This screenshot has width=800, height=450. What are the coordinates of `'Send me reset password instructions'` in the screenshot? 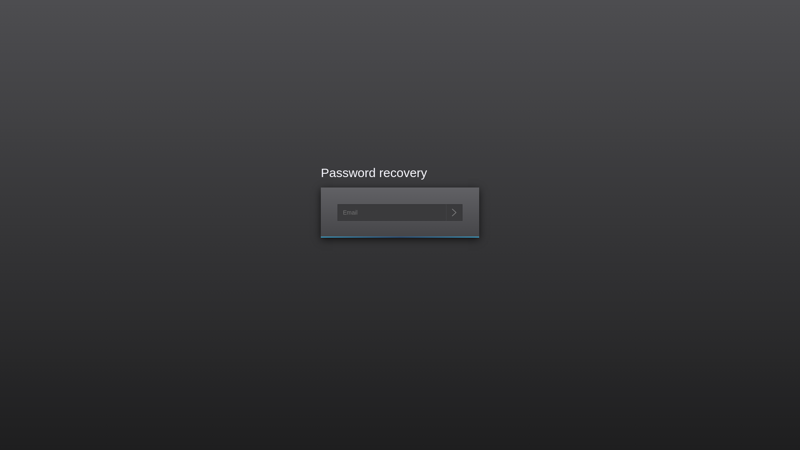 It's located at (453, 212).